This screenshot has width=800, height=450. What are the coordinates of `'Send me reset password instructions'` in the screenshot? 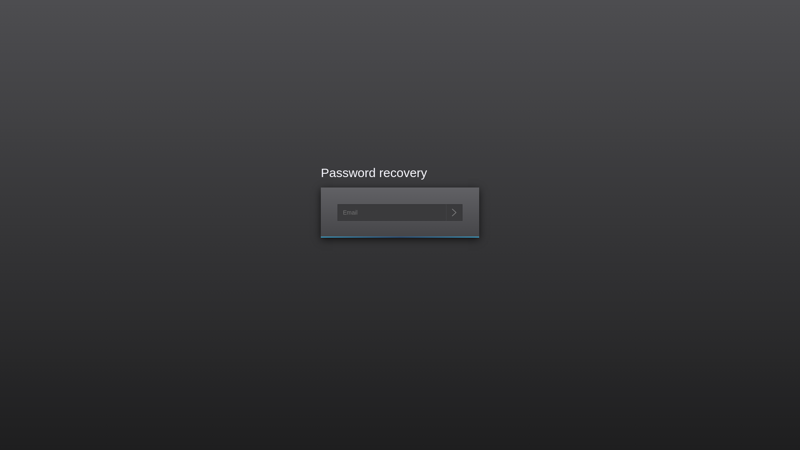 It's located at (453, 212).